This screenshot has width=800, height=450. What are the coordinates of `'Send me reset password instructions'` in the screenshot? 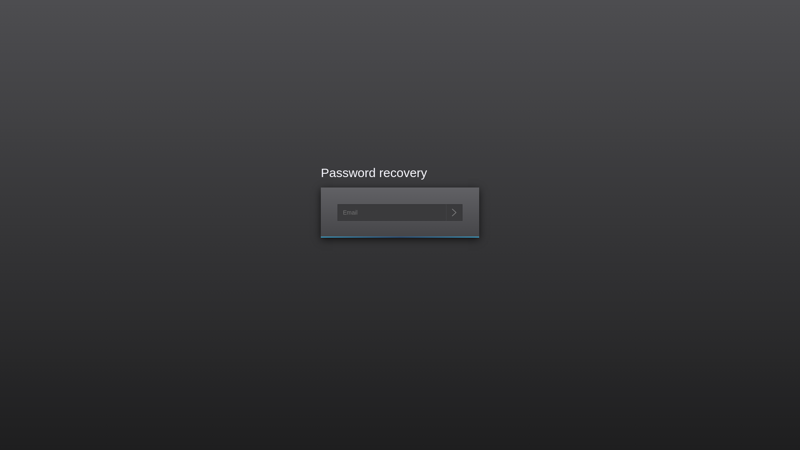 It's located at (453, 212).